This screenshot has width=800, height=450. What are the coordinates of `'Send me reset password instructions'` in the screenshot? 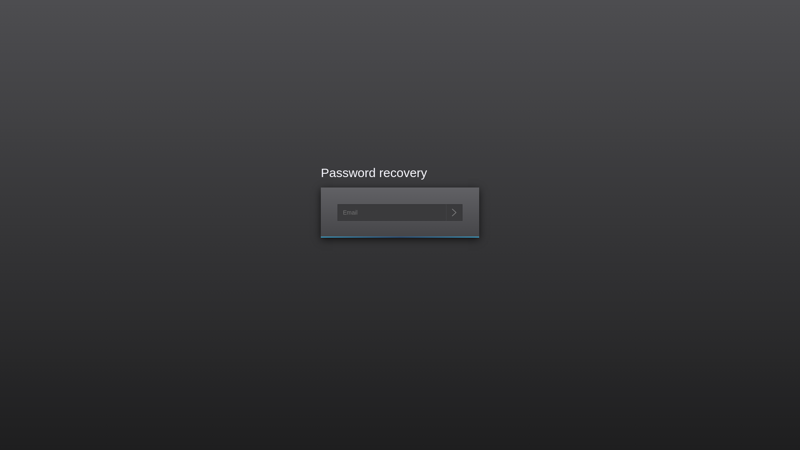 It's located at (453, 212).